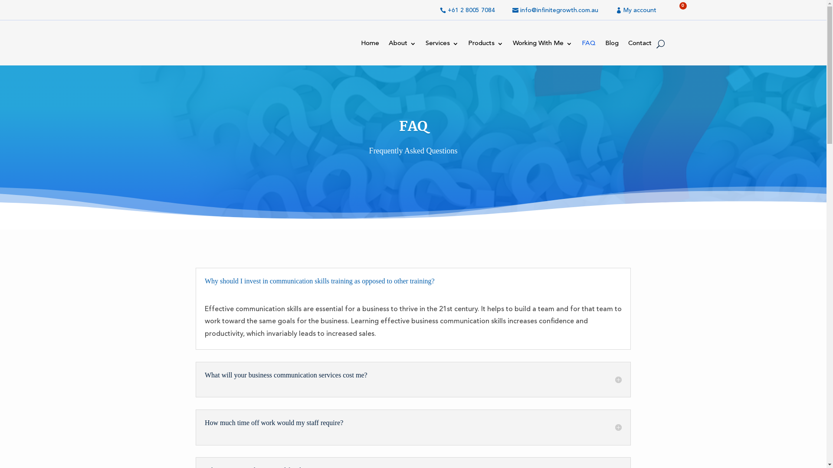 This screenshot has width=833, height=468. Describe the element at coordinates (435, 10) in the screenshot. I see `'+61 2 8005 7084'` at that location.